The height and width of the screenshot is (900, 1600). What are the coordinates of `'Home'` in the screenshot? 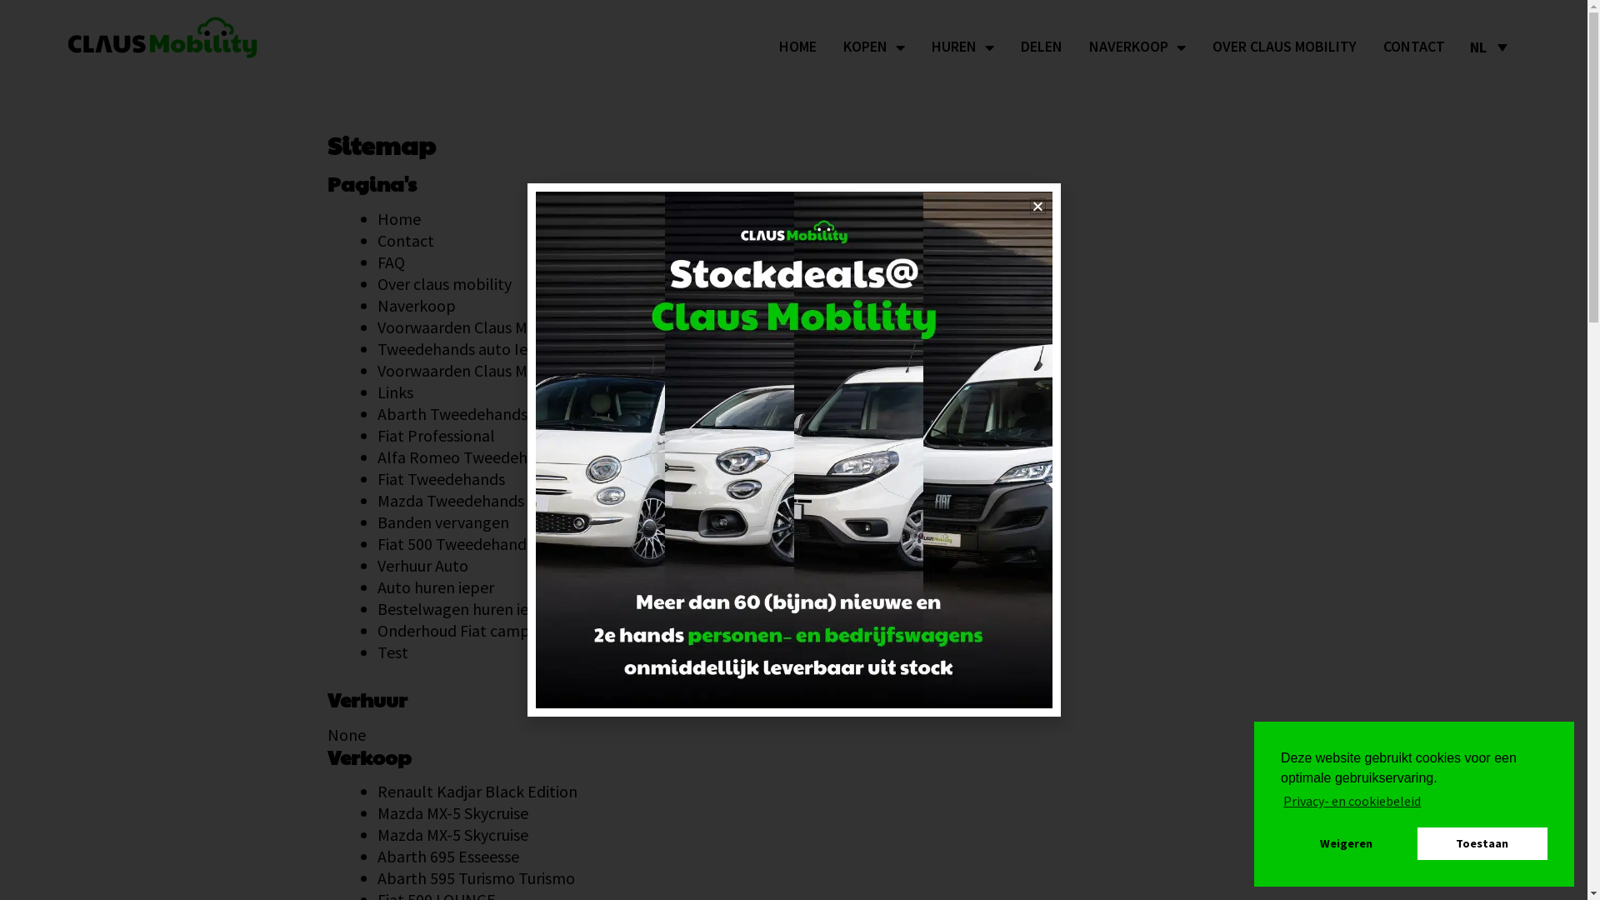 It's located at (397, 217).